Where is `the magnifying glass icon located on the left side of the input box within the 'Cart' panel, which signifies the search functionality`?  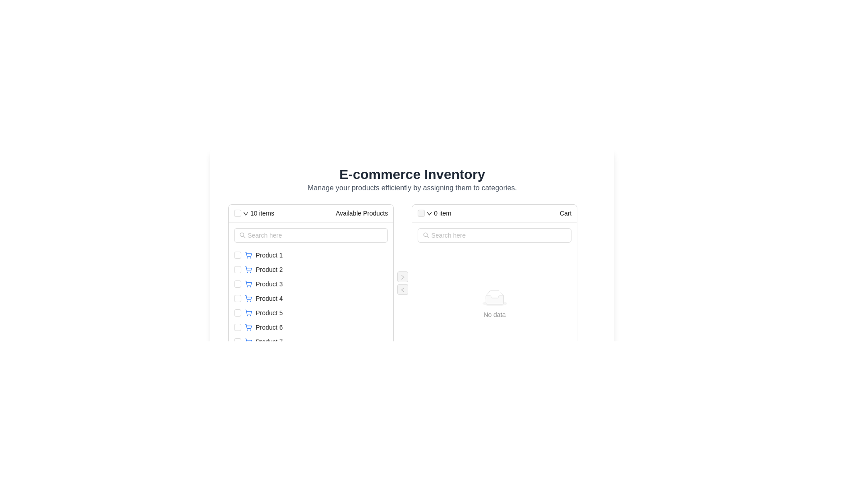
the magnifying glass icon located on the left side of the input box within the 'Cart' panel, which signifies the search functionality is located at coordinates (426, 234).